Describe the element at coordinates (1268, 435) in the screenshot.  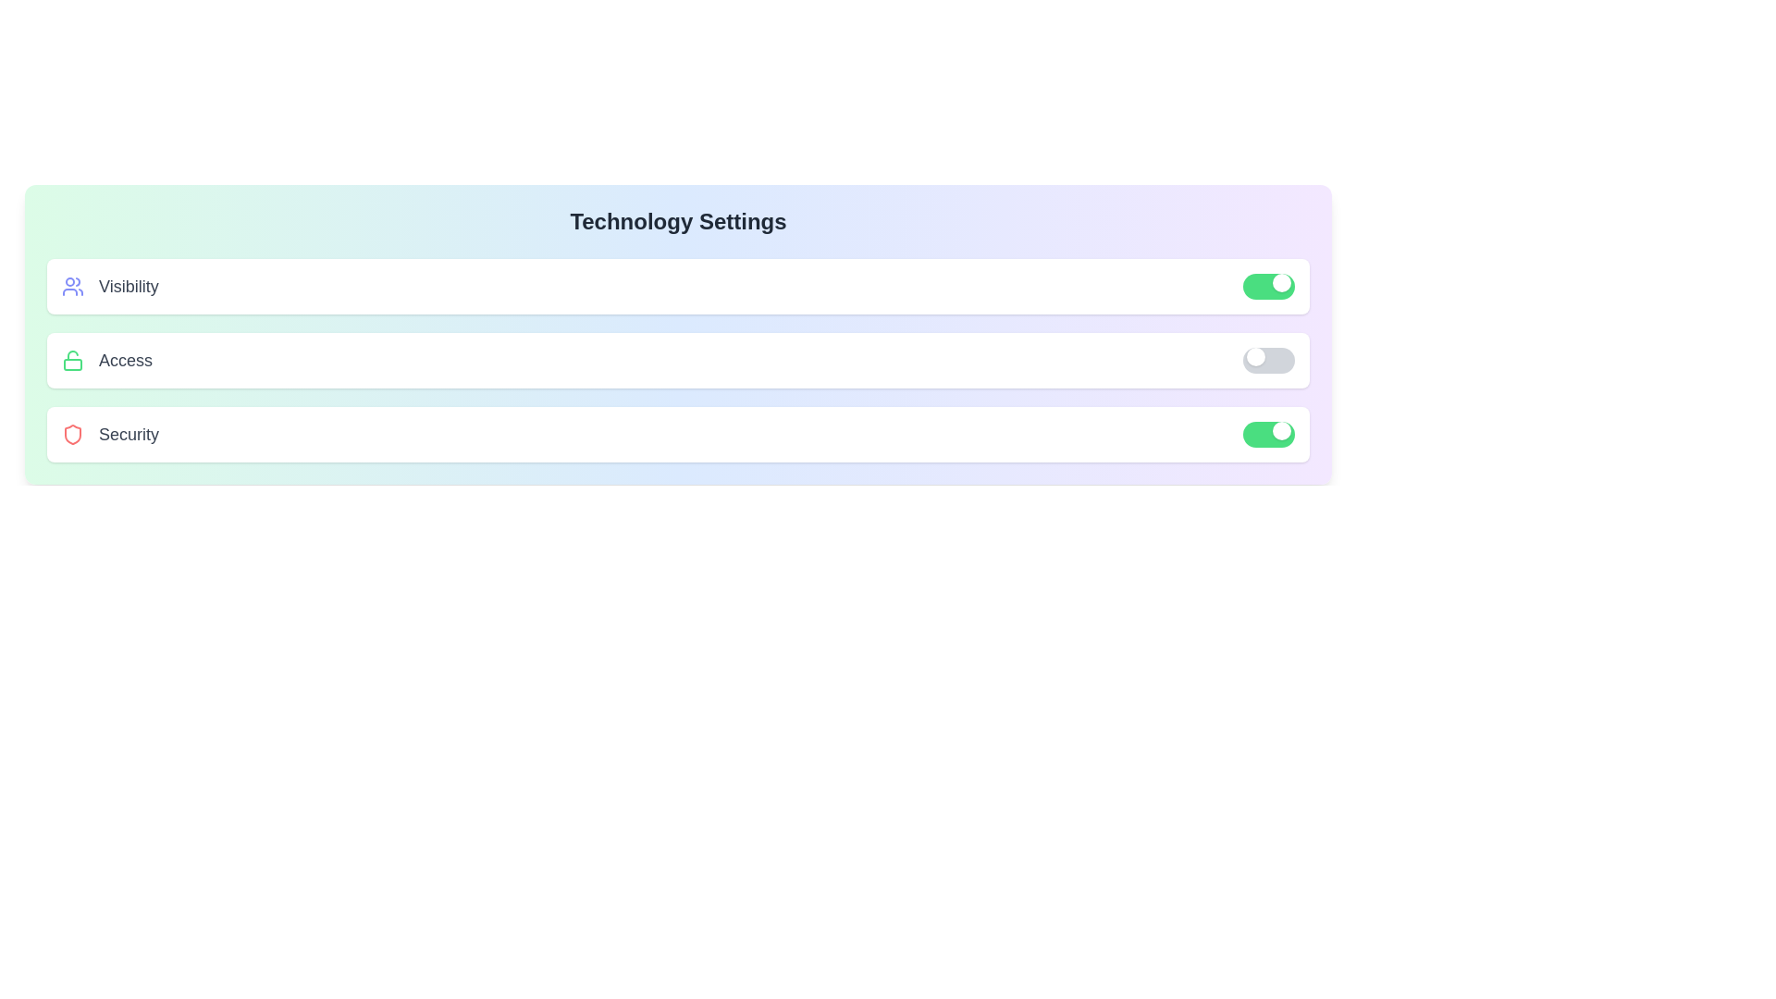
I see `toggle switch for security to change its state` at that location.